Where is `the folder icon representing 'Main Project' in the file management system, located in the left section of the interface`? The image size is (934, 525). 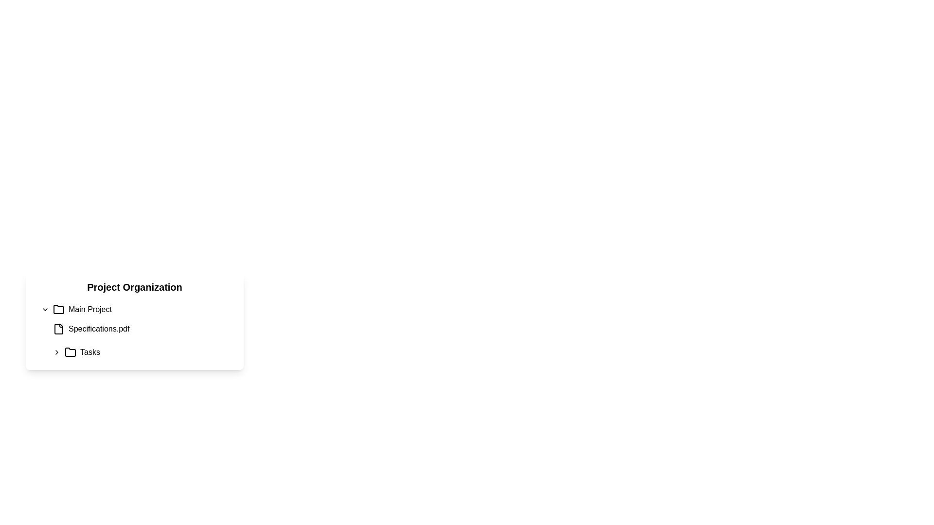
the folder icon representing 'Main Project' in the file management system, located in the left section of the interface is located at coordinates (58, 309).